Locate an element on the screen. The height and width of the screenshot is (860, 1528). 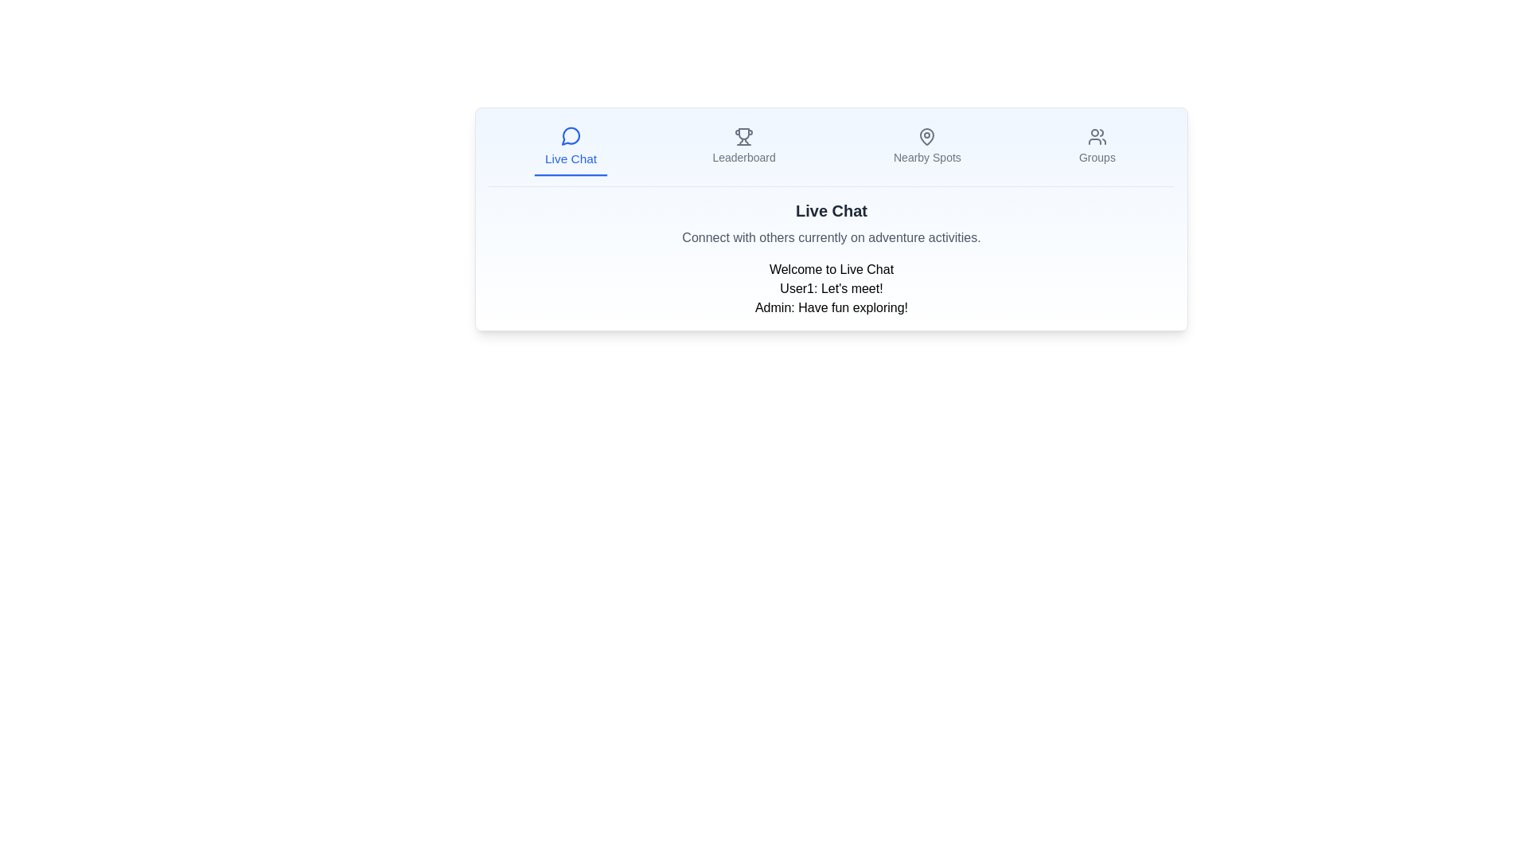
keyboard navigation is located at coordinates (571, 147).